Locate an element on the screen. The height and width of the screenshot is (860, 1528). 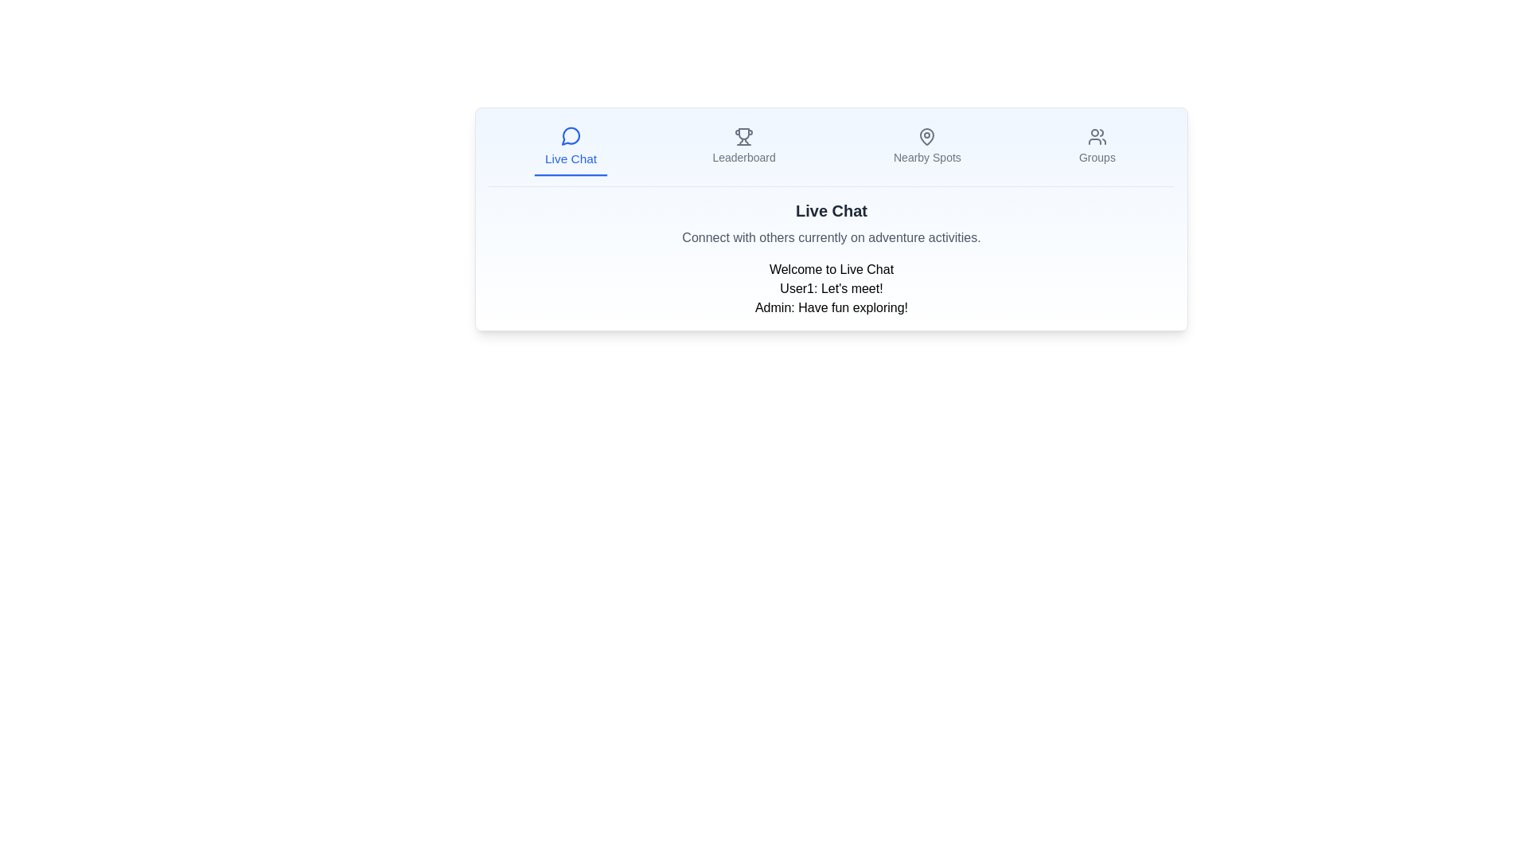
keyboard navigation is located at coordinates (571, 147).